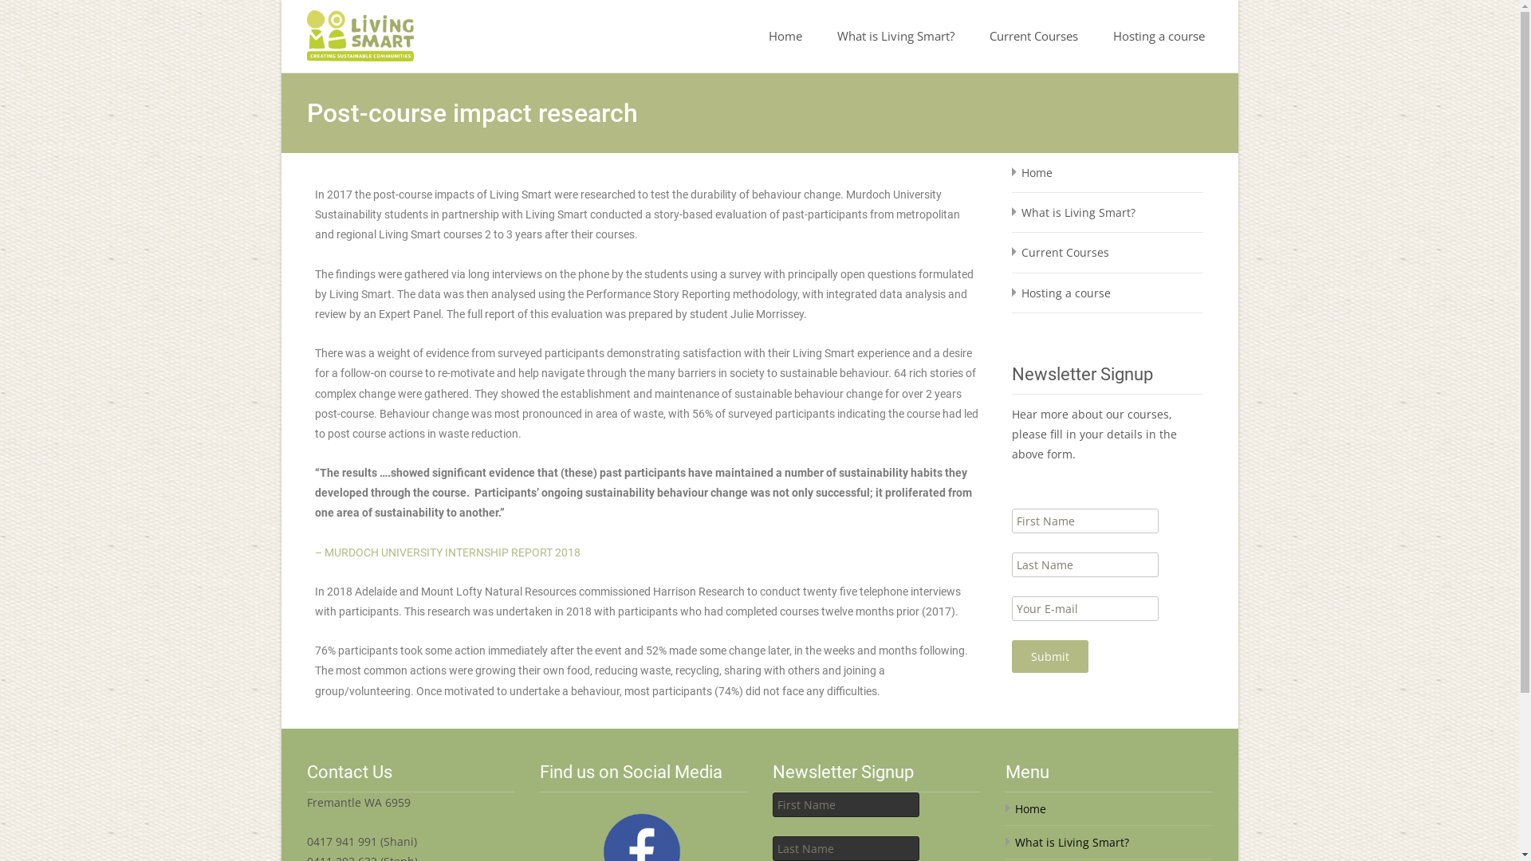  I want to click on 'Submit', so click(1049, 656).